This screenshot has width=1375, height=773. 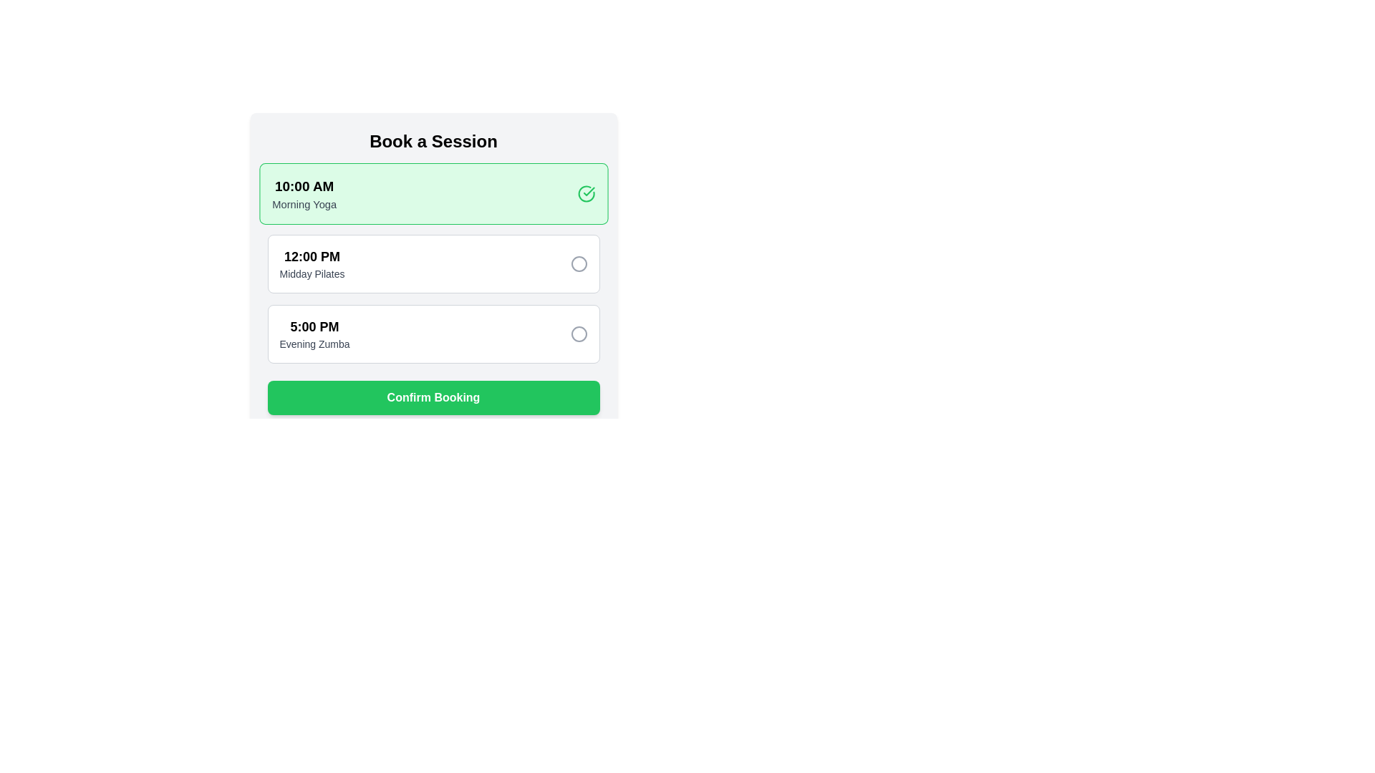 What do you see at coordinates (314, 344) in the screenshot?
I see `the 'Evening Zumba' label, which is styled in gray and located beneath the '5:00 PM' time label in the session list` at bounding box center [314, 344].